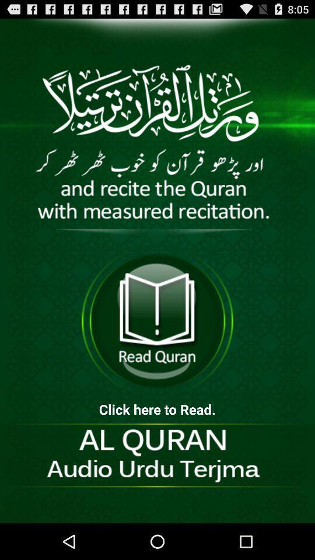 The height and width of the screenshot is (560, 315). I want to click on read quran, so click(157, 321).